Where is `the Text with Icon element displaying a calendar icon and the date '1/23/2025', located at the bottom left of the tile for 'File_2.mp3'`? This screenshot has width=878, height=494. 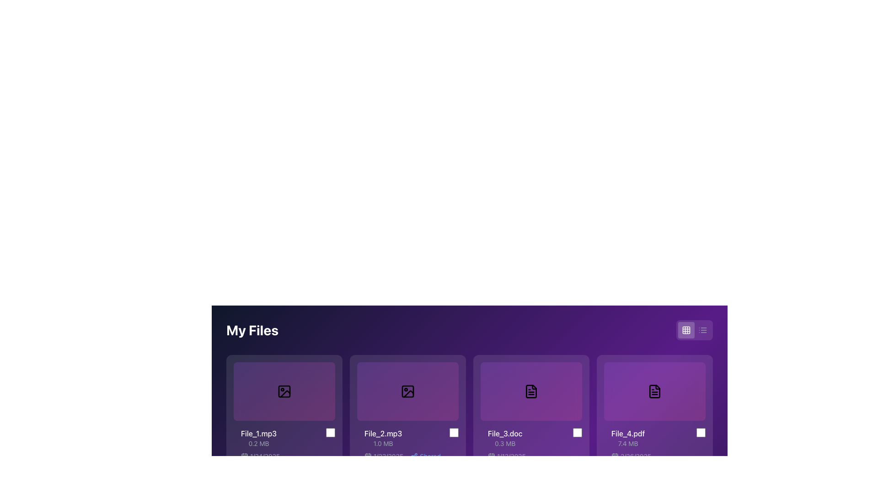 the Text with Icon element displaying a calendar icon and the date '1/23/2025', located at the bottom left of the tile for 'File_2.mp3' is located at coordinates (384, 456).